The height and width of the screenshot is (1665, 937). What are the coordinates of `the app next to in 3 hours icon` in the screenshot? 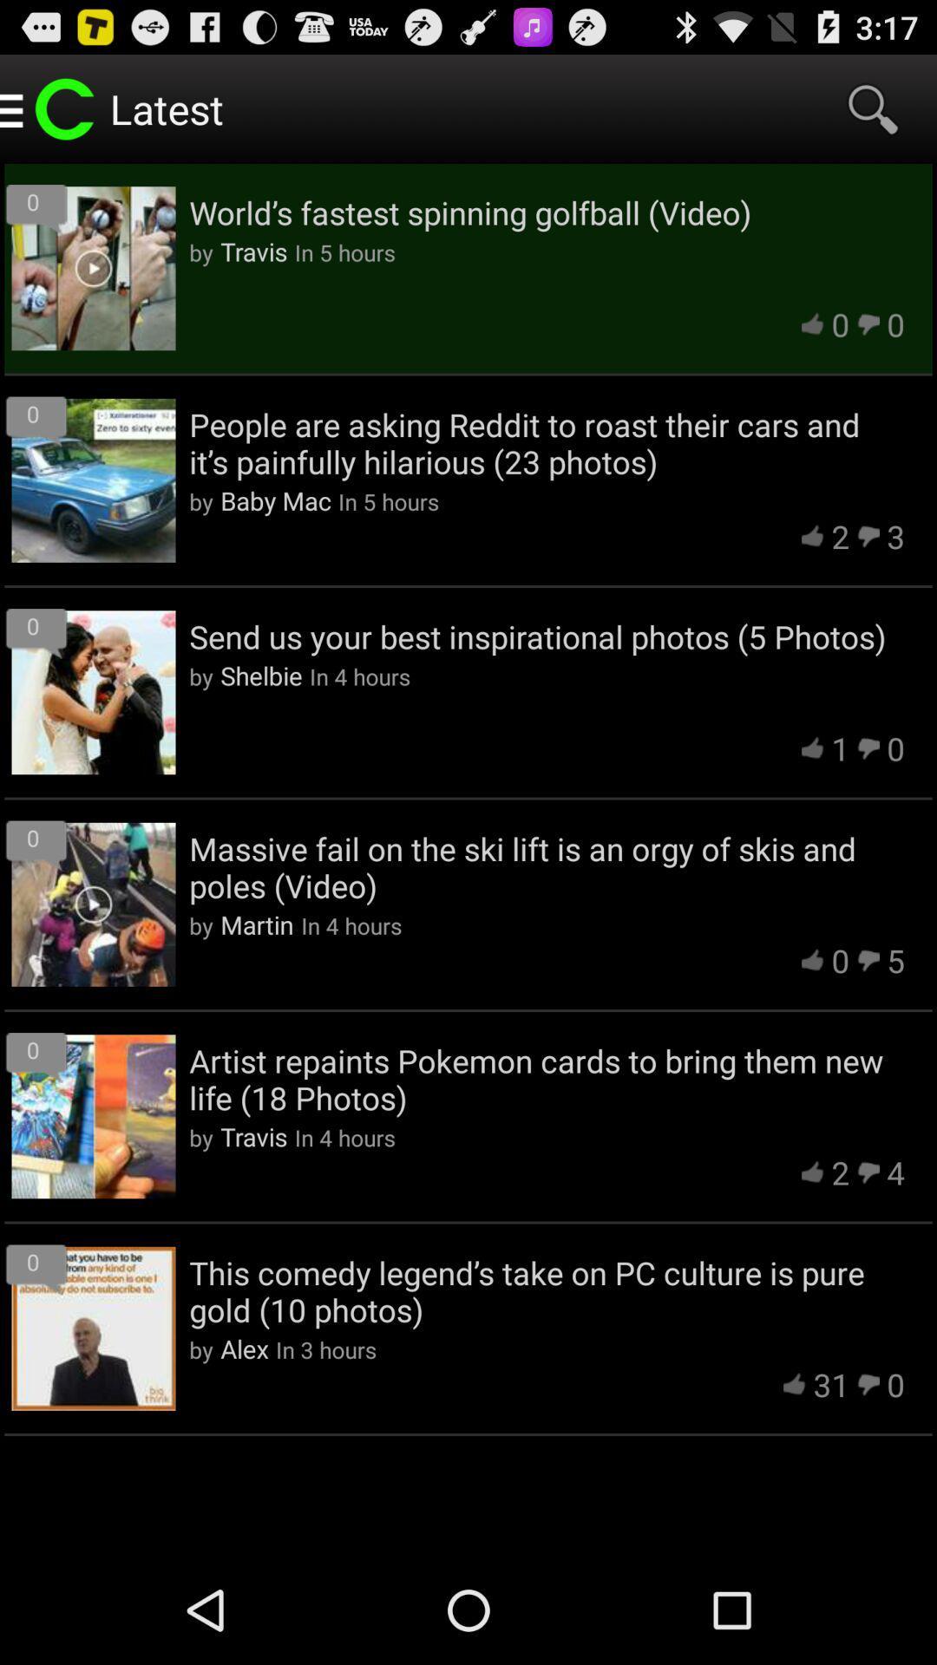 It's located at (244, 1348).